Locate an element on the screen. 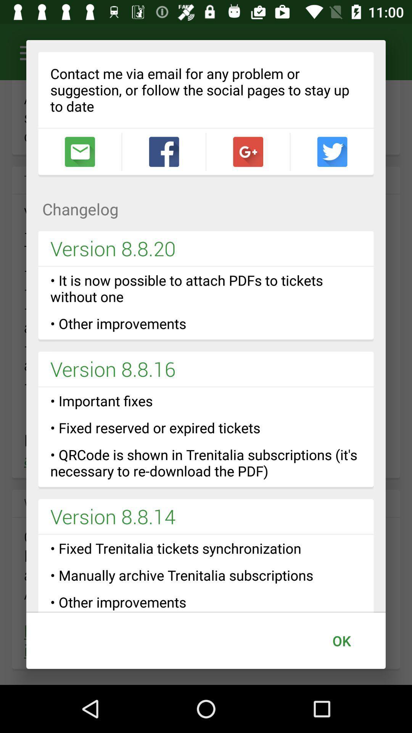  open twitter is located at coordinates (332, 152).